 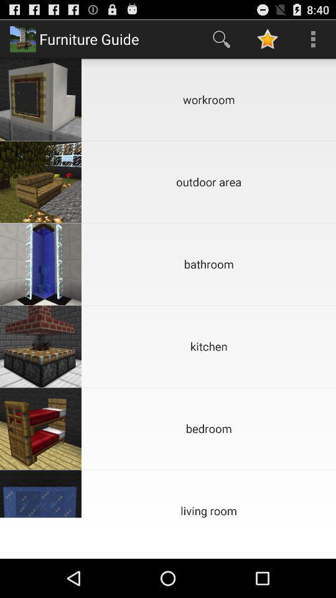 I want to click on the workroom item, so click(x=208, y=99).